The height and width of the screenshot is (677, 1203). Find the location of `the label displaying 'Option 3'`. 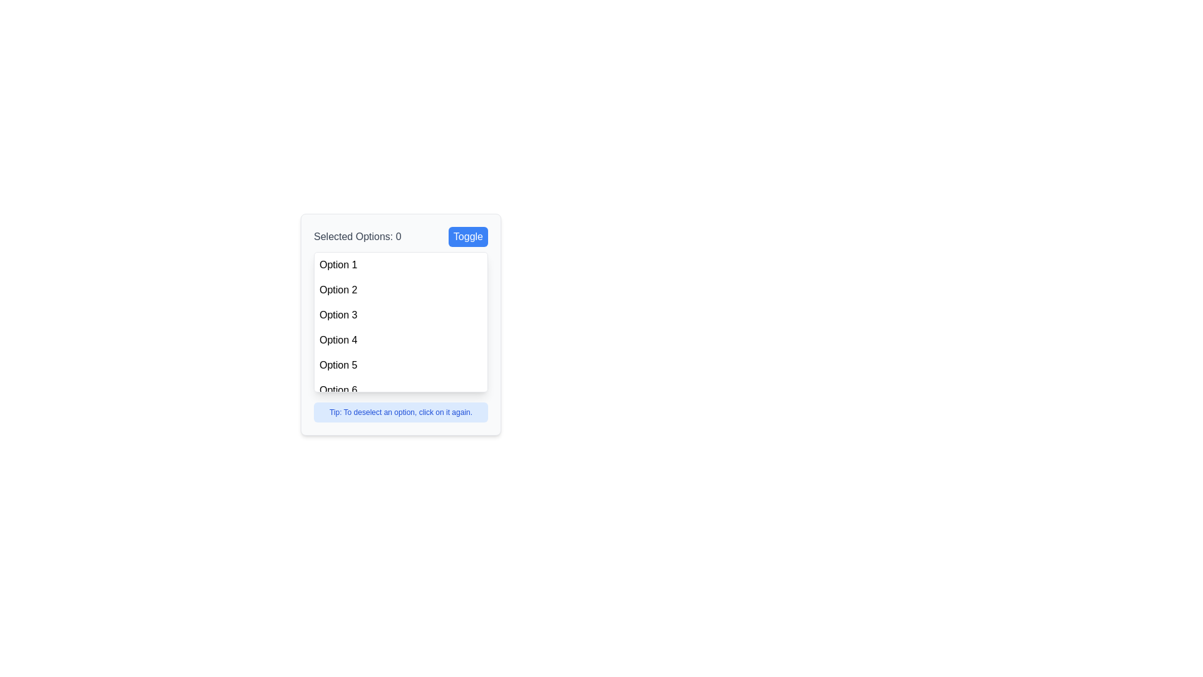

the label displaying 'Option 3' is located at coordinates (338, 314).